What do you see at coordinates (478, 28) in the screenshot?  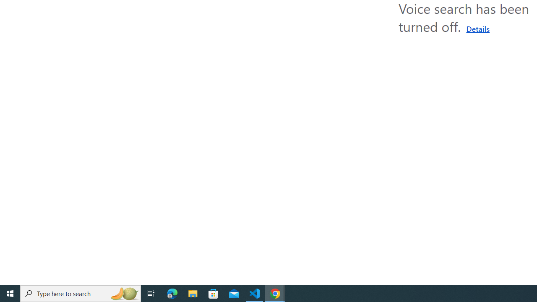 I see `'Learn more about using a microphone'` at bounding box center [478, 28].